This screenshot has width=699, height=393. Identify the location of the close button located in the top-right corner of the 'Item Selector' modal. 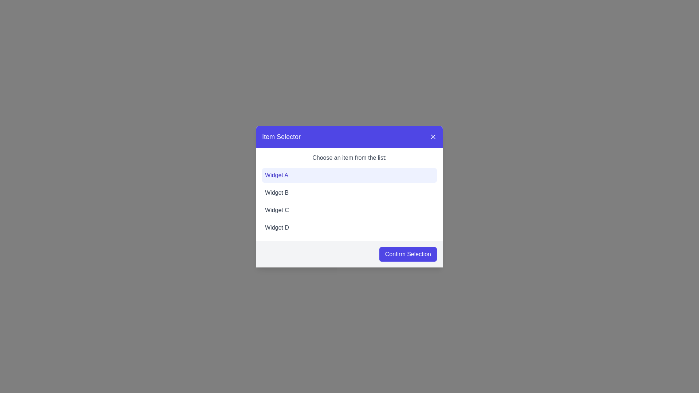
(433, 136).